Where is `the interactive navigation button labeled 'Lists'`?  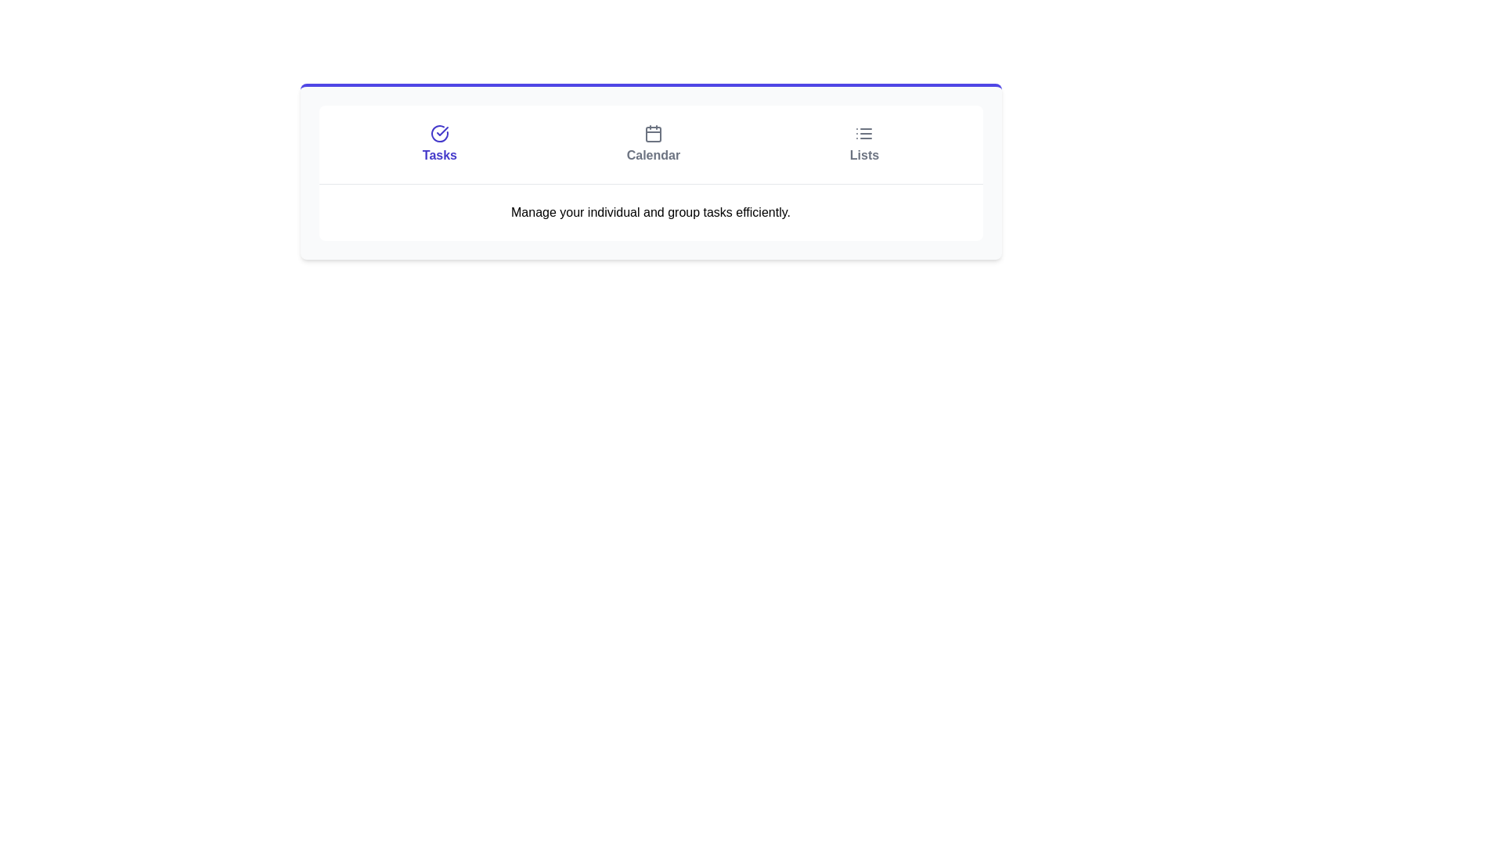 the interactive navigation button labeled 'Lists' is located at coordinates (863, 145).